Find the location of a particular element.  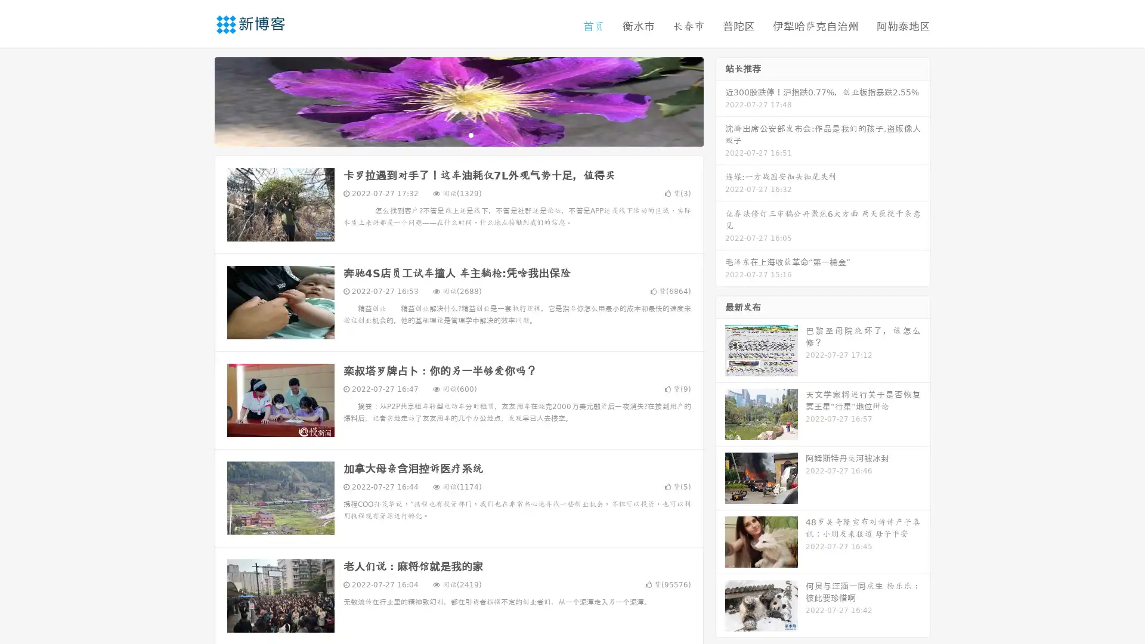

Next slide is located at coordinates (720, 100).